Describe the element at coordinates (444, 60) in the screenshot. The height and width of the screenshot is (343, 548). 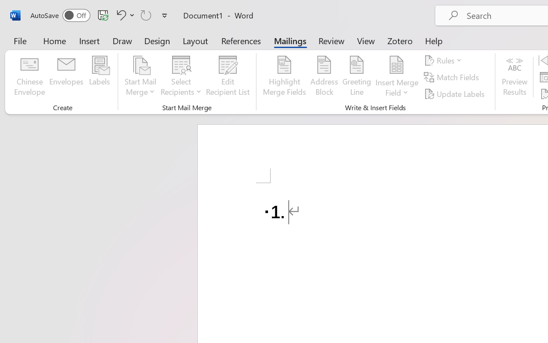
I see `'Rules'` at that location.